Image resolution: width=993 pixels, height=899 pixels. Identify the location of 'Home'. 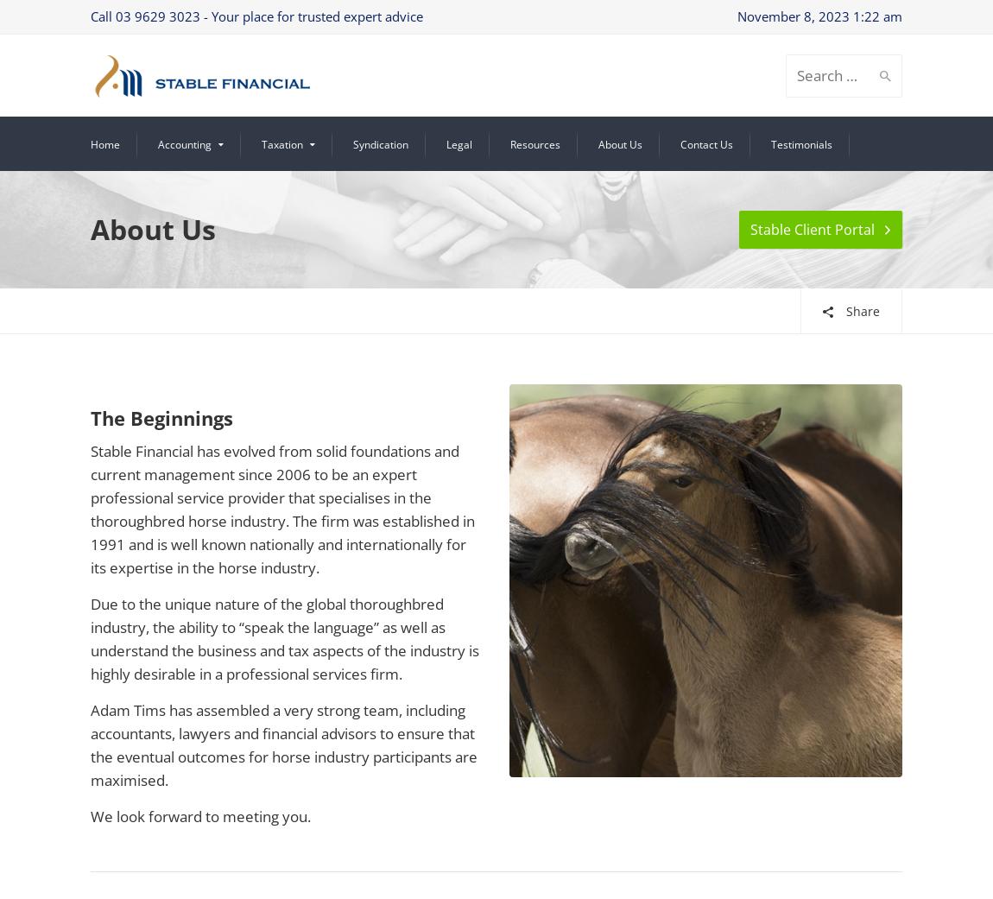
(89, 144).